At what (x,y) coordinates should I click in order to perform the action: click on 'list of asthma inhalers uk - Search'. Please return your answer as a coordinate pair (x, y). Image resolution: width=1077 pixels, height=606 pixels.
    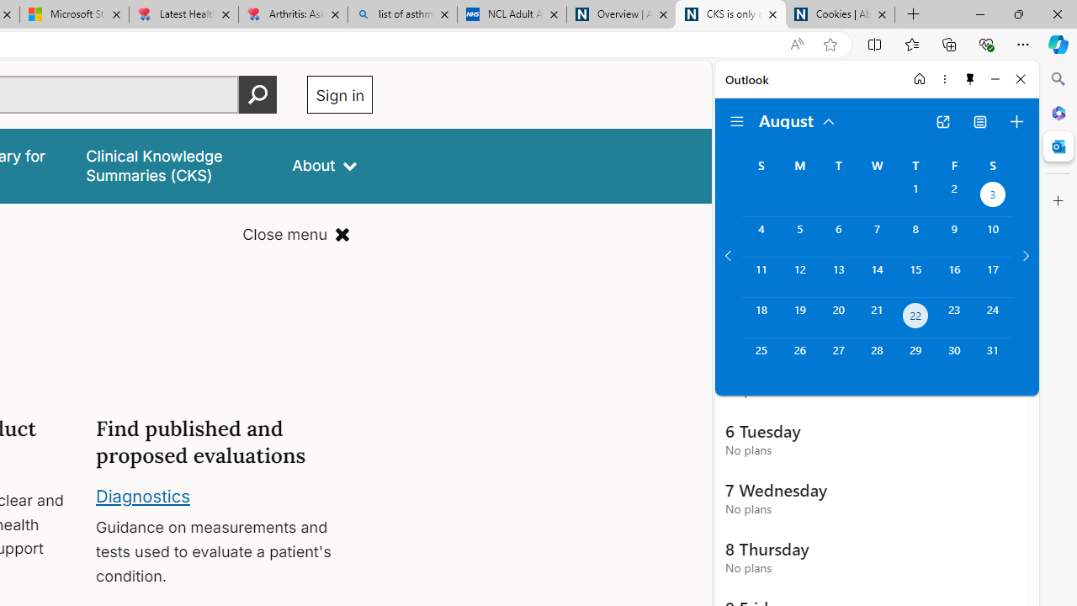
    Looking at the image, I should click on (401, 14).